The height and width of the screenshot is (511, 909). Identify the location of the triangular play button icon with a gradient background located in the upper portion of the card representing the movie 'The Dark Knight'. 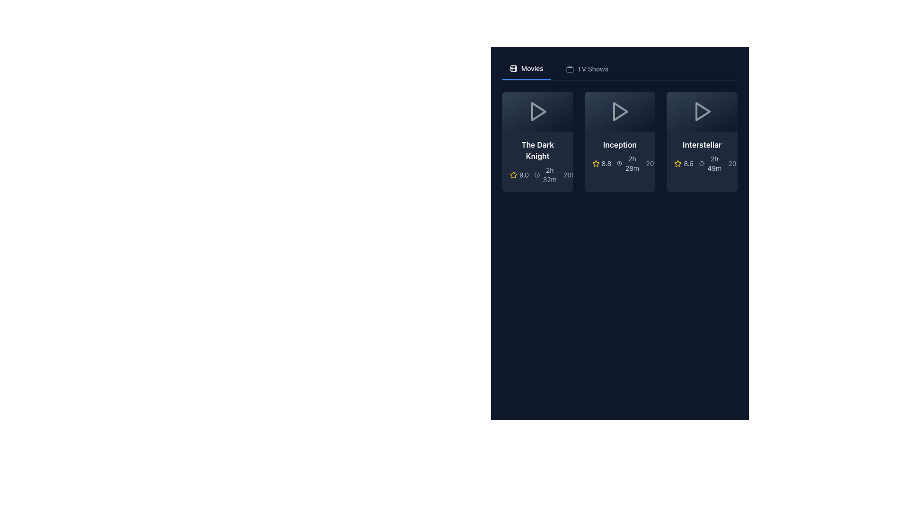
(537, 111).